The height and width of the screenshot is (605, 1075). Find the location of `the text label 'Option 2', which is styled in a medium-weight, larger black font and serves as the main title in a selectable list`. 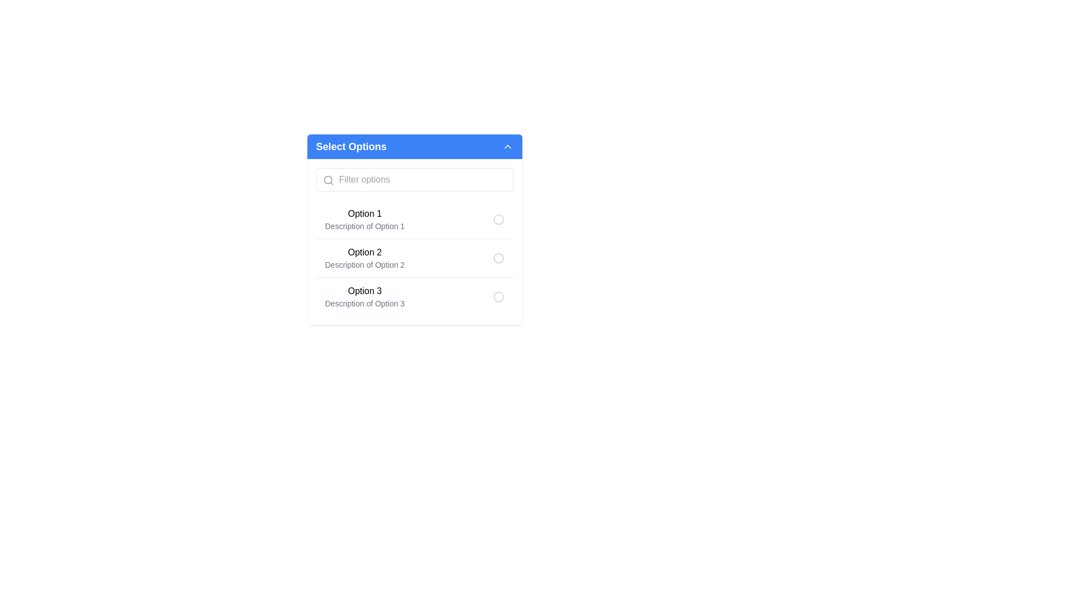

the text label 'Option 2', which is styled in a medium-weight, larger black font and serves as the main title in a selectable list is located at coordinates (364, 253).